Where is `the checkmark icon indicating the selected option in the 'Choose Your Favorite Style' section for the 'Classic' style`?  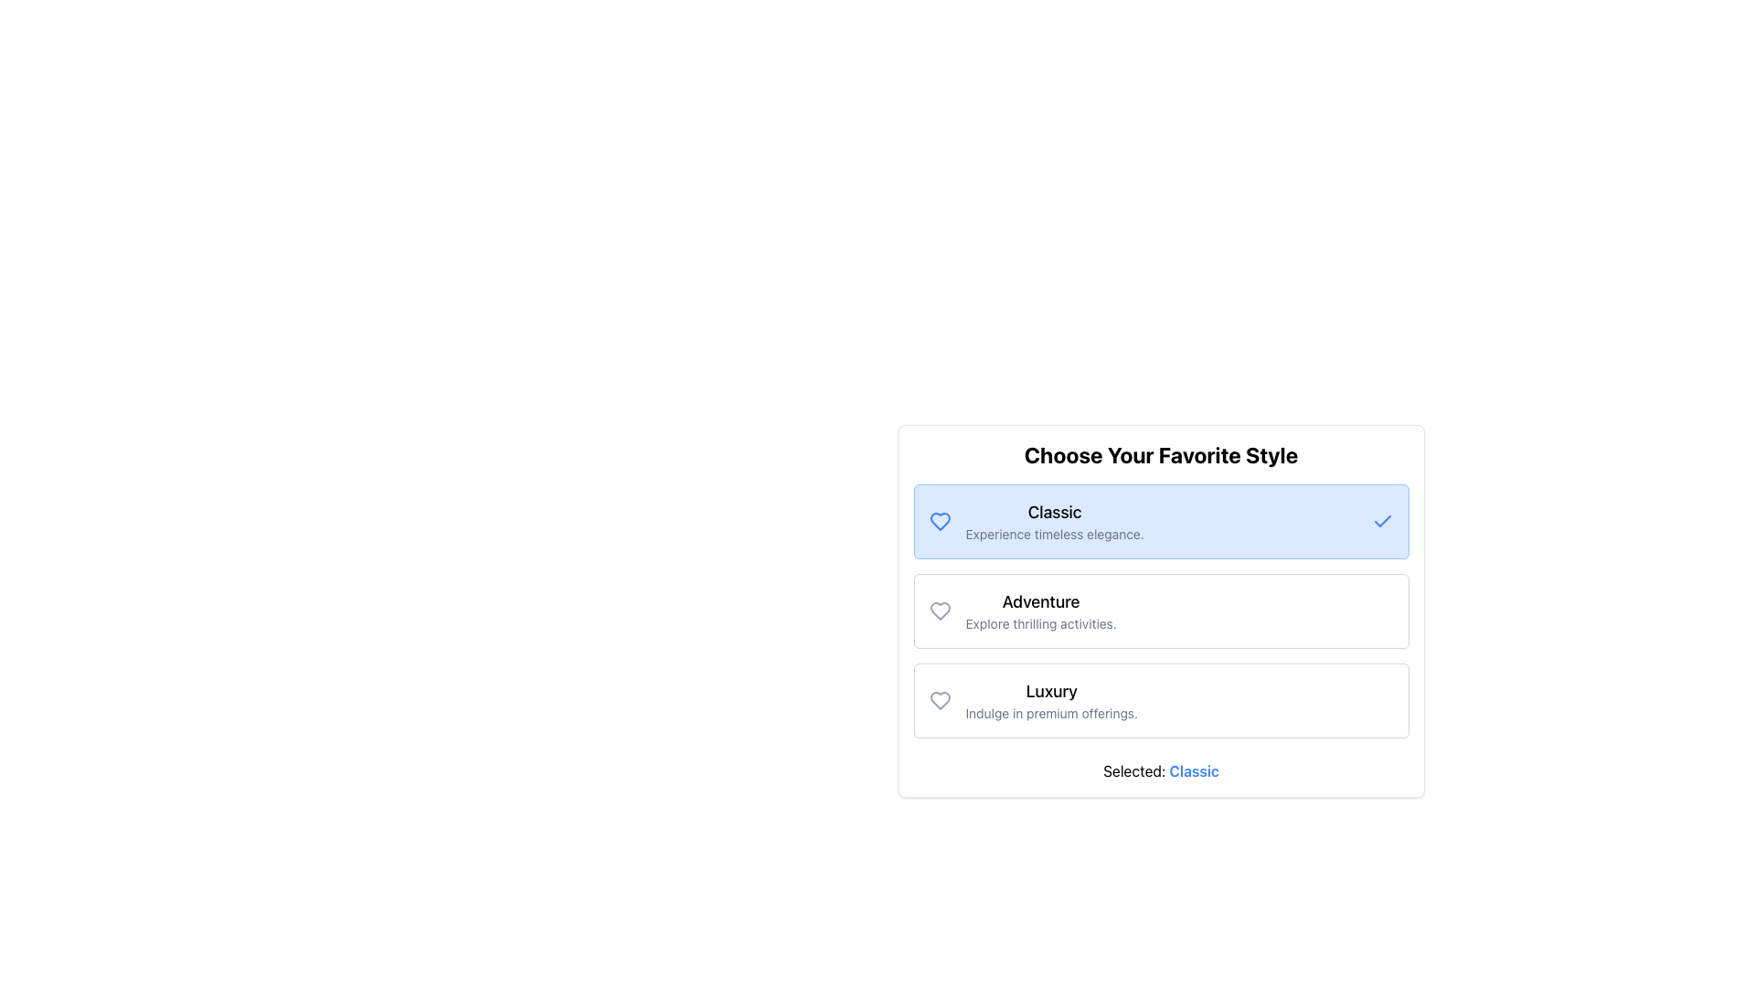 the checkmark icon indicating the selected option in the 'Choose Your Favorite Style' section for the 'Classic' style is located at coordinates (1382, 521).